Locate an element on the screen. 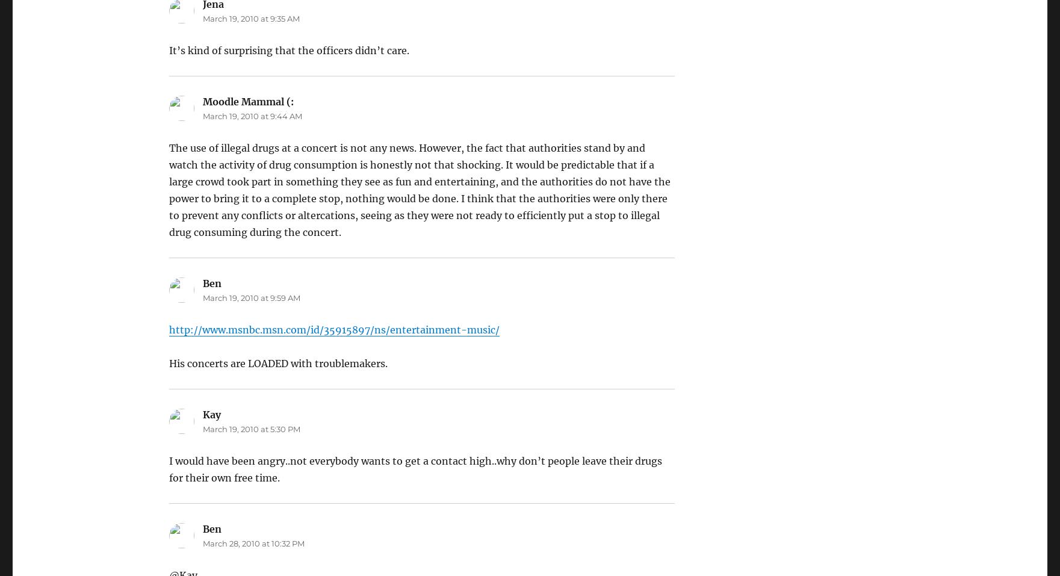 The image size is (1060, 576). 'March 19, 2010 at 9:44 AM' is located at coordinates (251, 116).